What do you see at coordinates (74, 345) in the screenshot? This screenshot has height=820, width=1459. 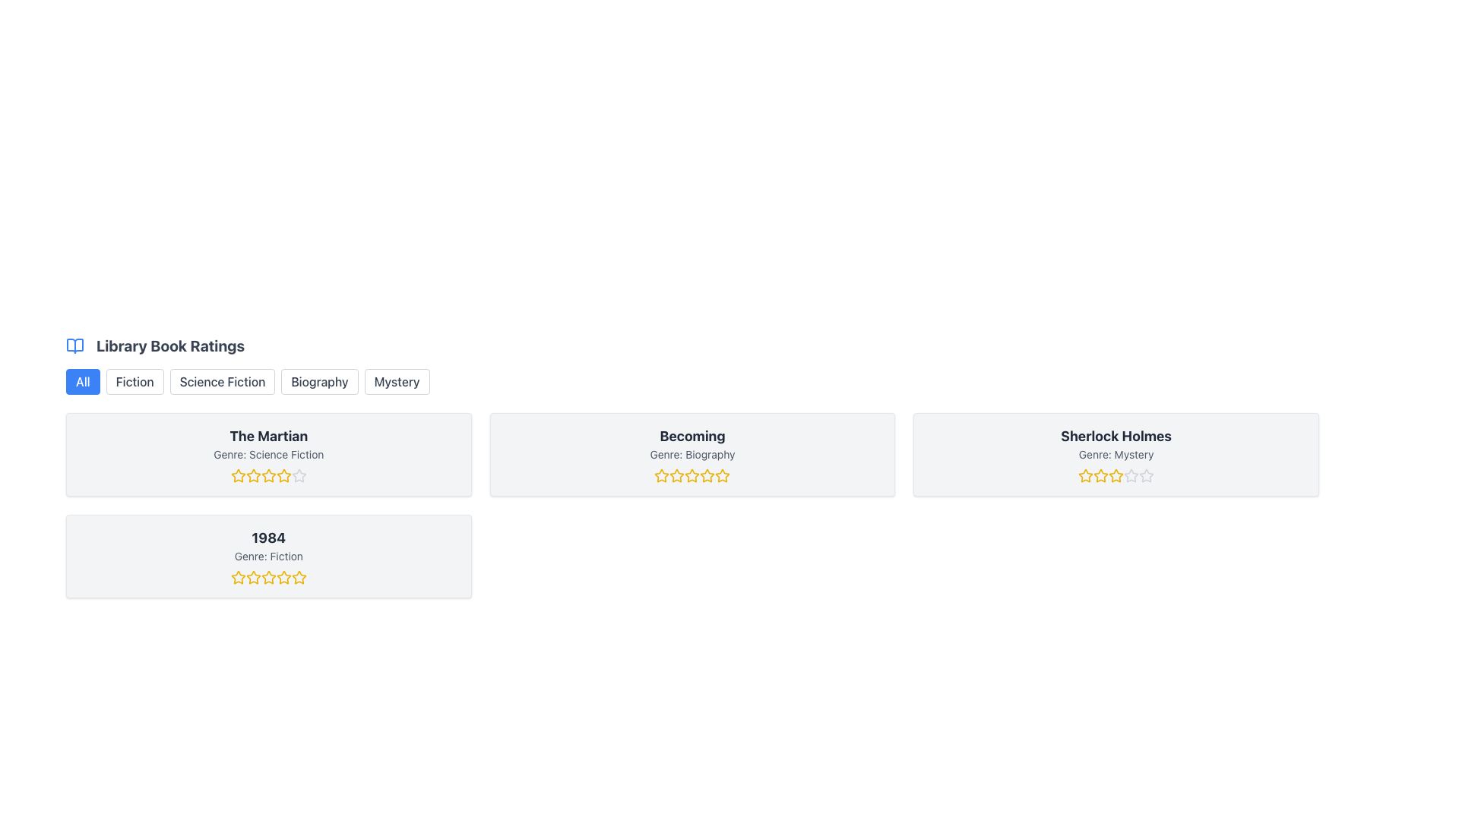 I see `the decorative icon for the 'Library Book Ratings' section, which is positioned at the leftmost side of the header and above the genre filter buttons` at bounding box center [74, 345].